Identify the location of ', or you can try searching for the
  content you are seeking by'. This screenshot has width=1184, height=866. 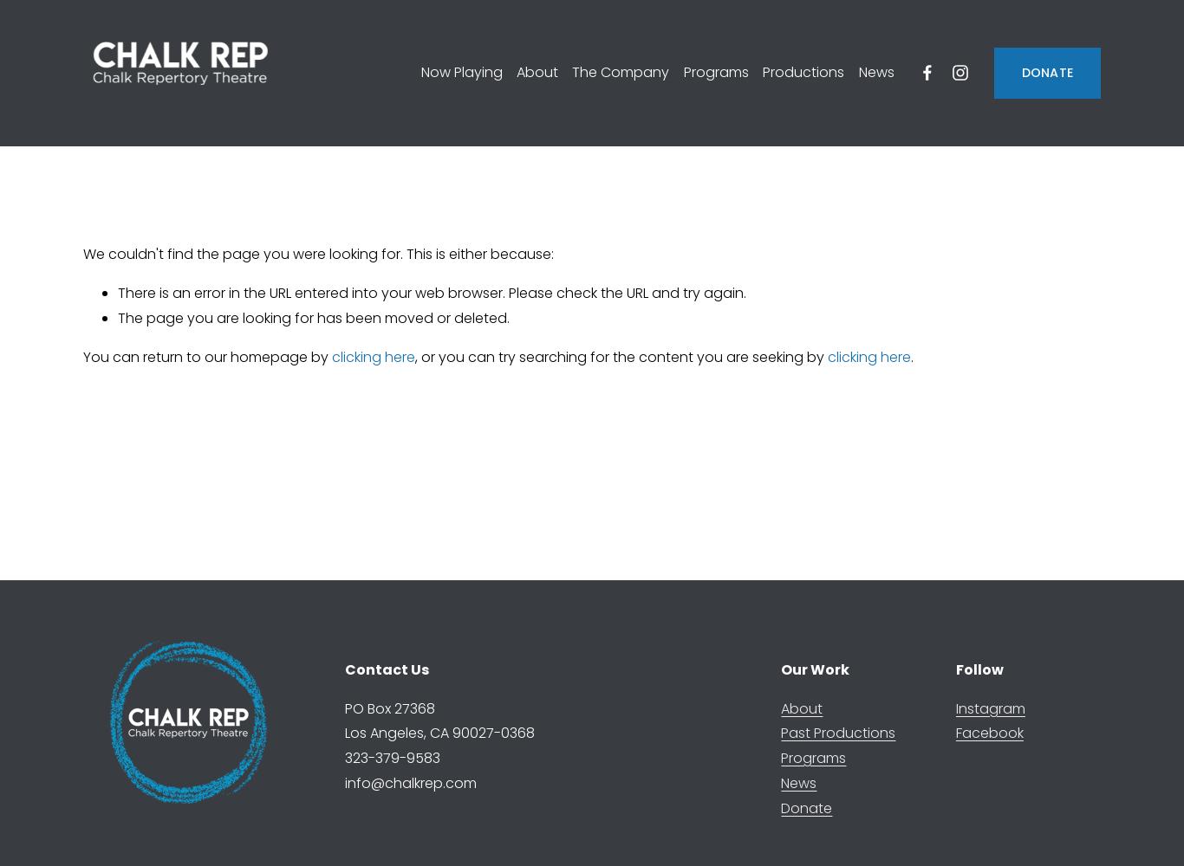
(413, 356).